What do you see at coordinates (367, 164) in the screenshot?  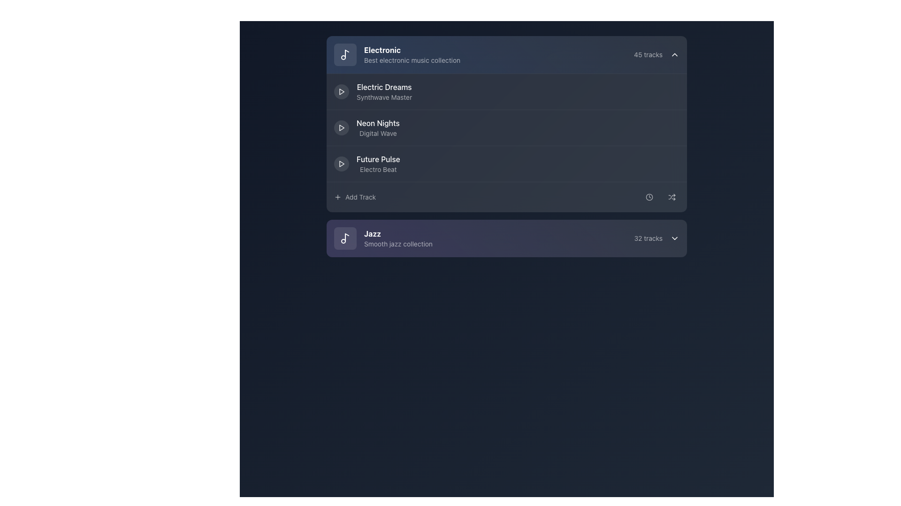 I see `the list item displaying 'Future Pulse' and 'Electro Beat', which is the third music track in the list, located between 'Neon Nights' and the 'Jazz' group` at bounding box center [367, 164].